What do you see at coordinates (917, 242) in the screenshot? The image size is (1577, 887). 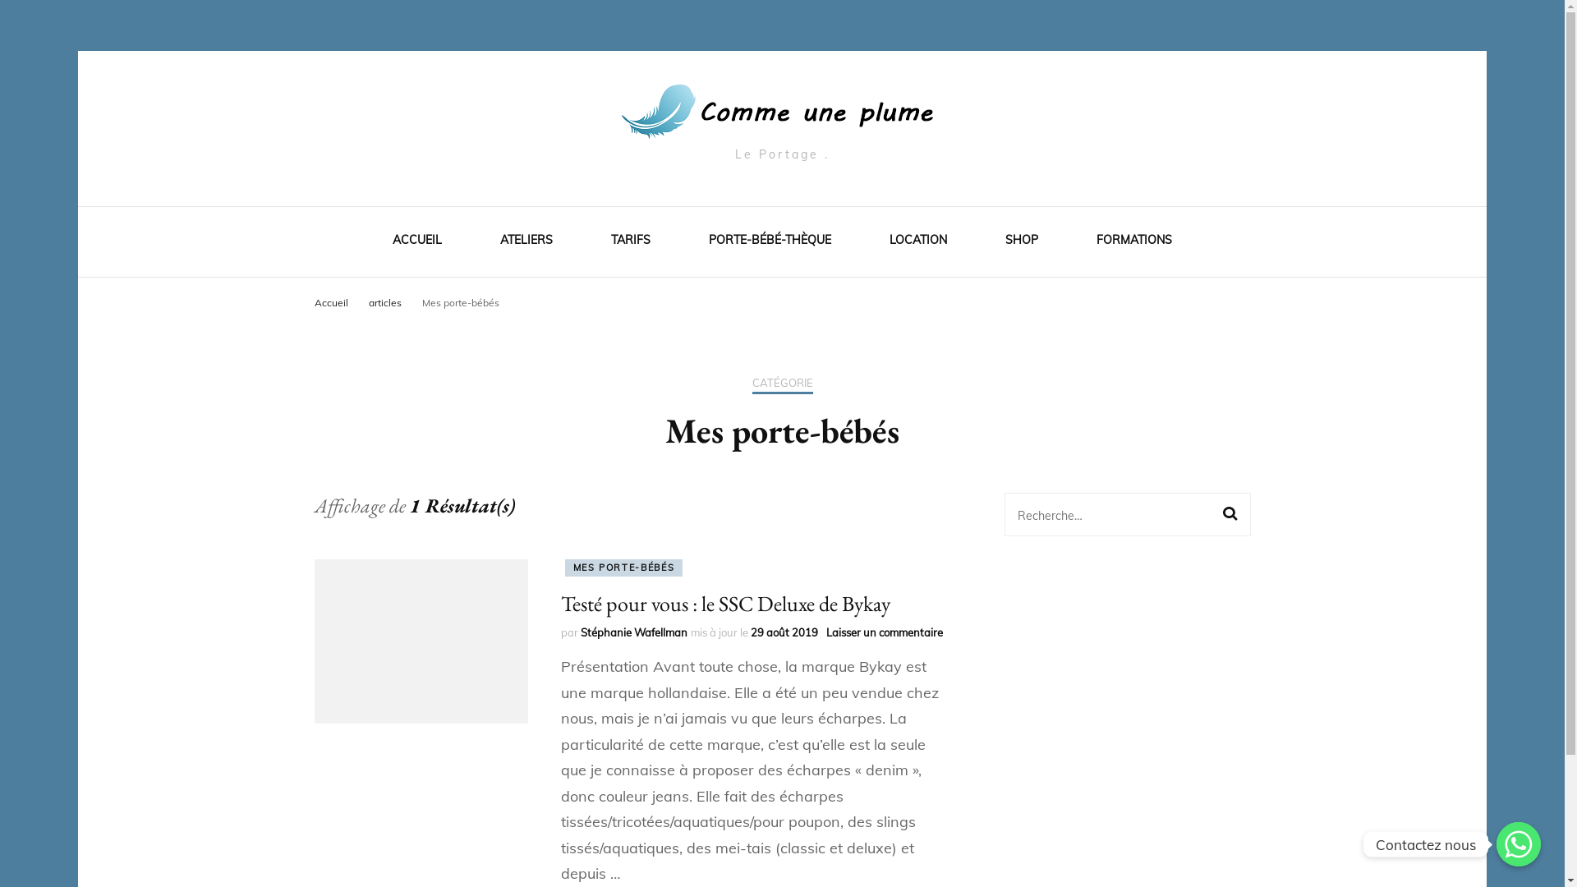 I see `'LOCATION'` at bounding box center [917, 242].